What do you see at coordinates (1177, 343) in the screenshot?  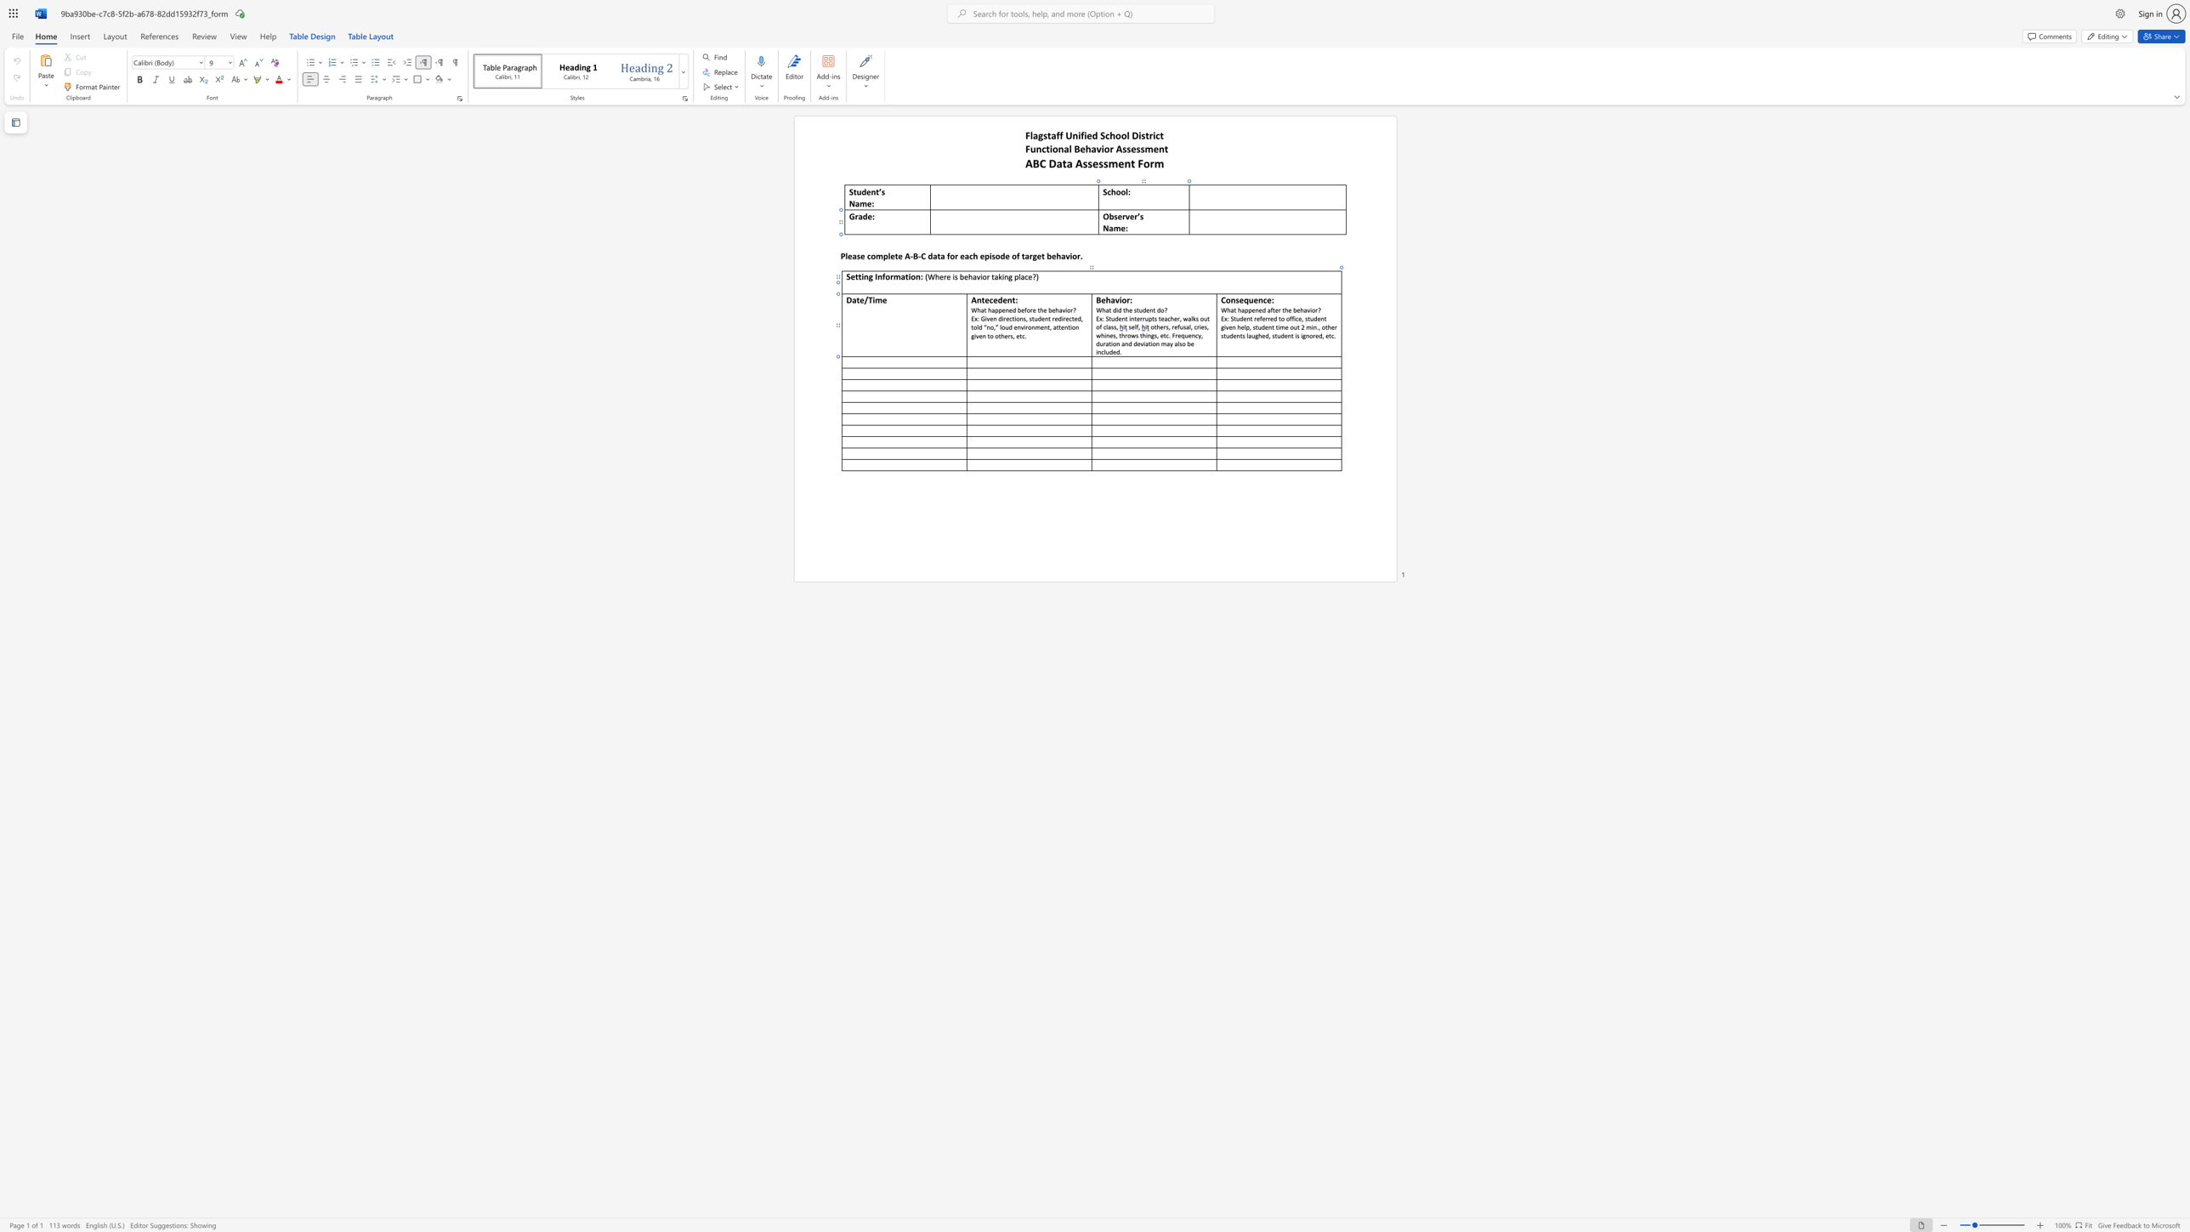 I see `the 1th character "l" in the text` at bounding box center [1177, 343].